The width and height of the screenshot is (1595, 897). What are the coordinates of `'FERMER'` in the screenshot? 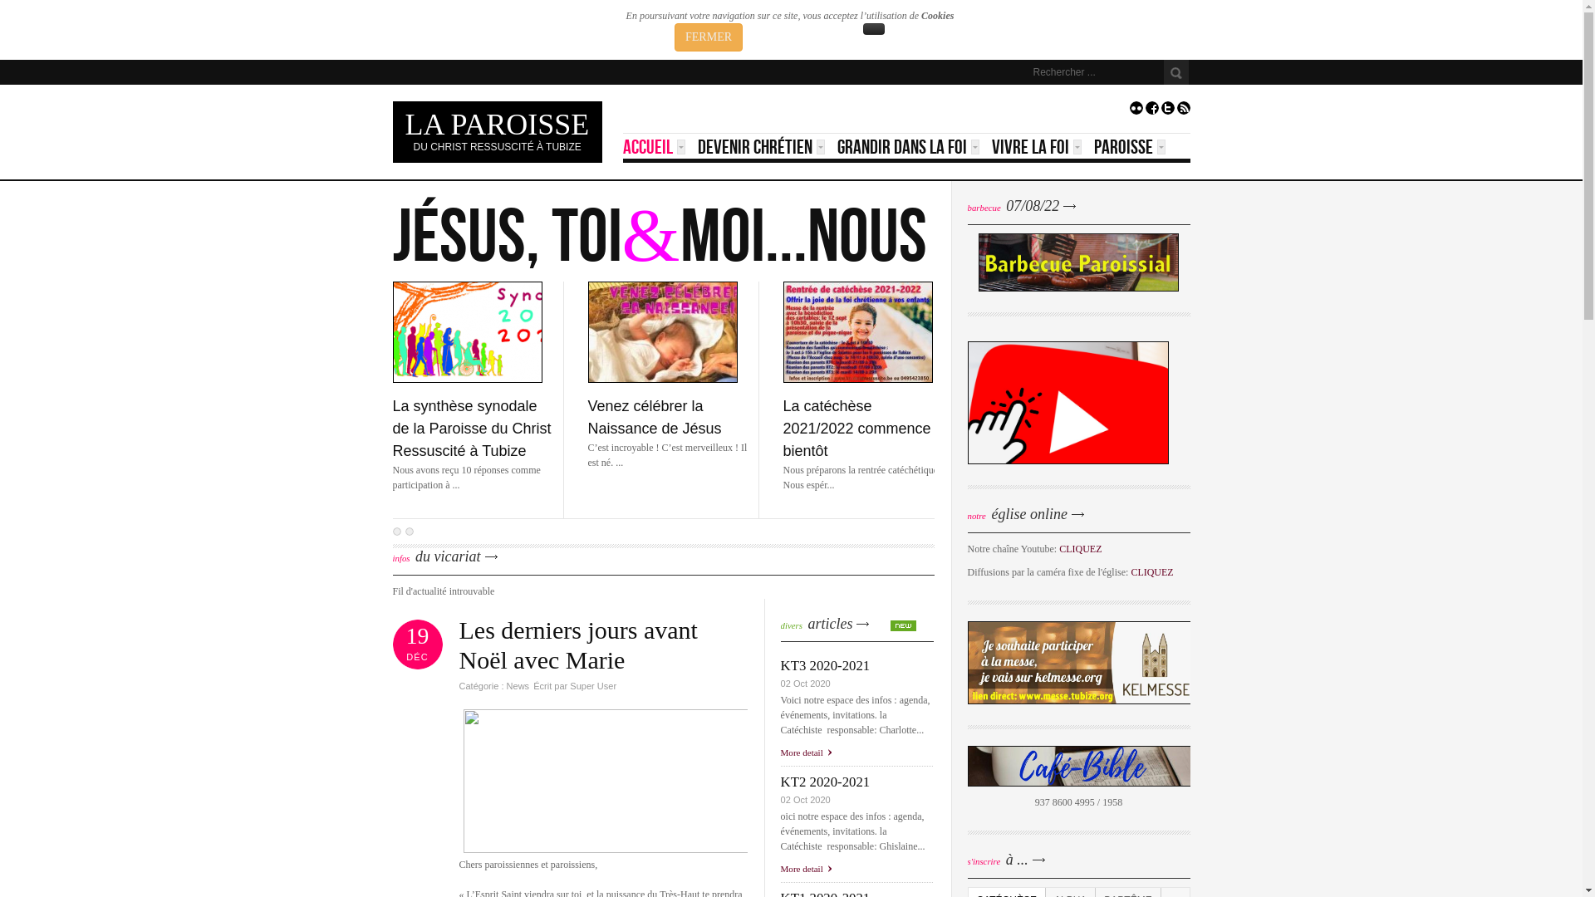 It's located at (709, 37).